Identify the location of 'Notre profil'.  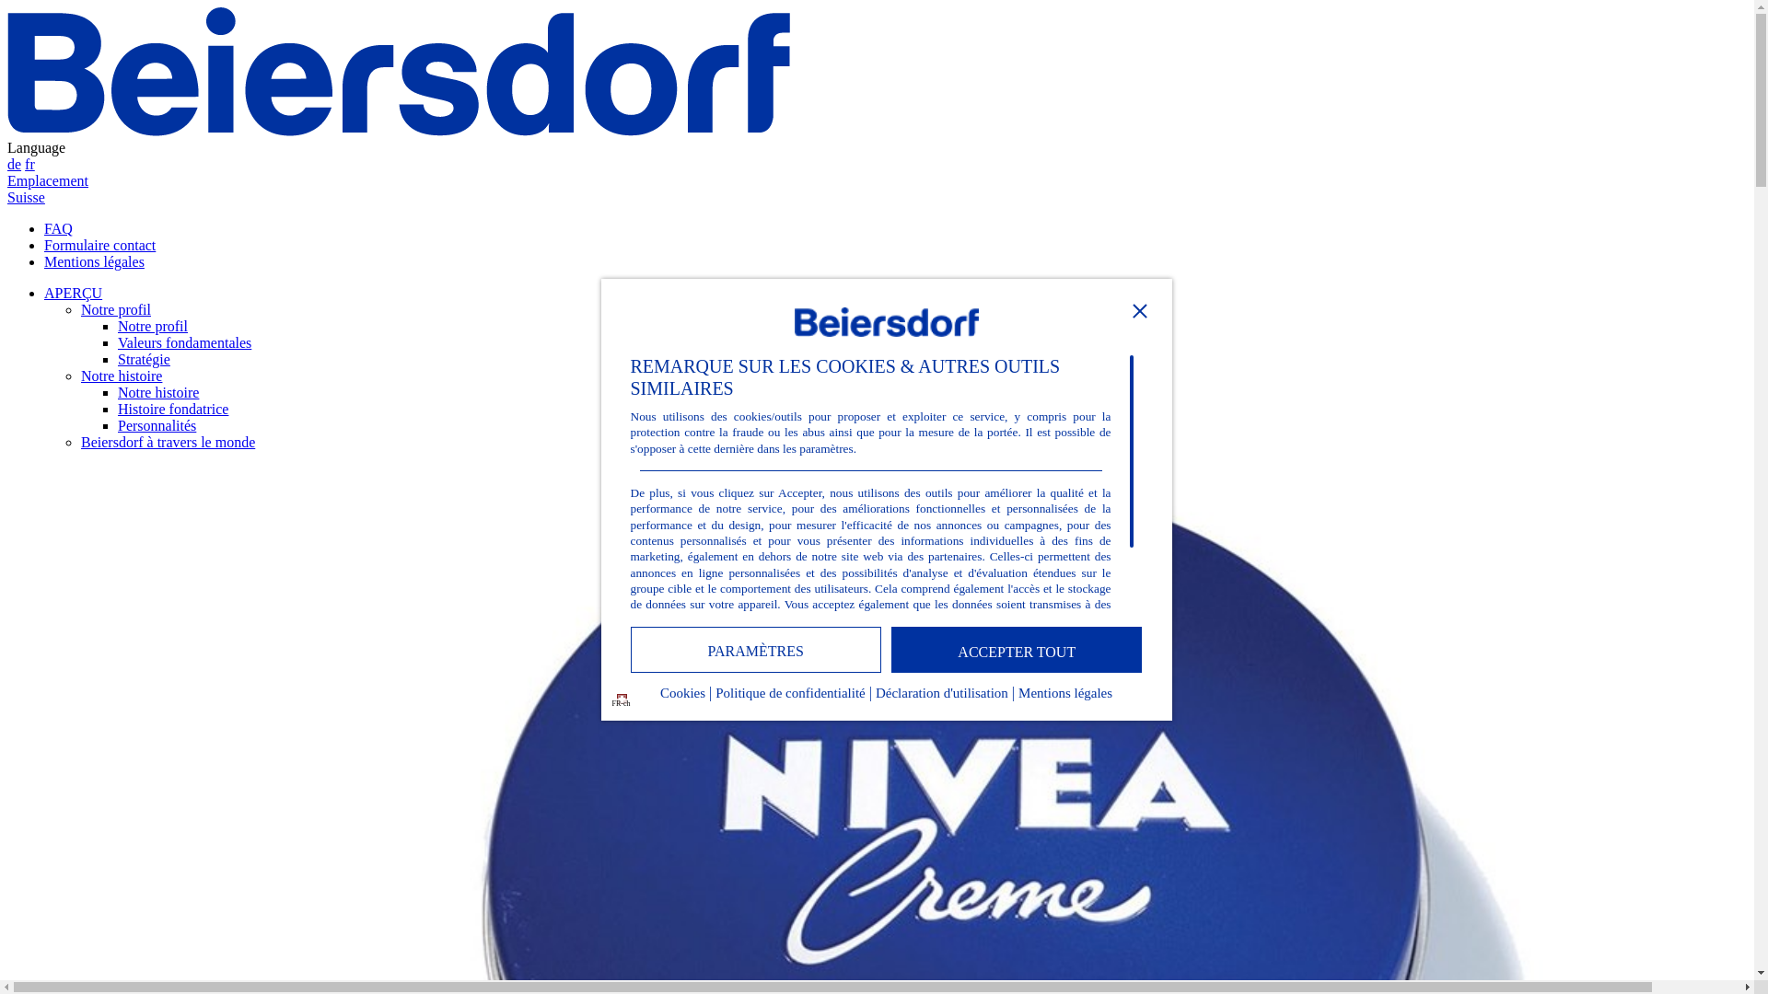
(114, 308).